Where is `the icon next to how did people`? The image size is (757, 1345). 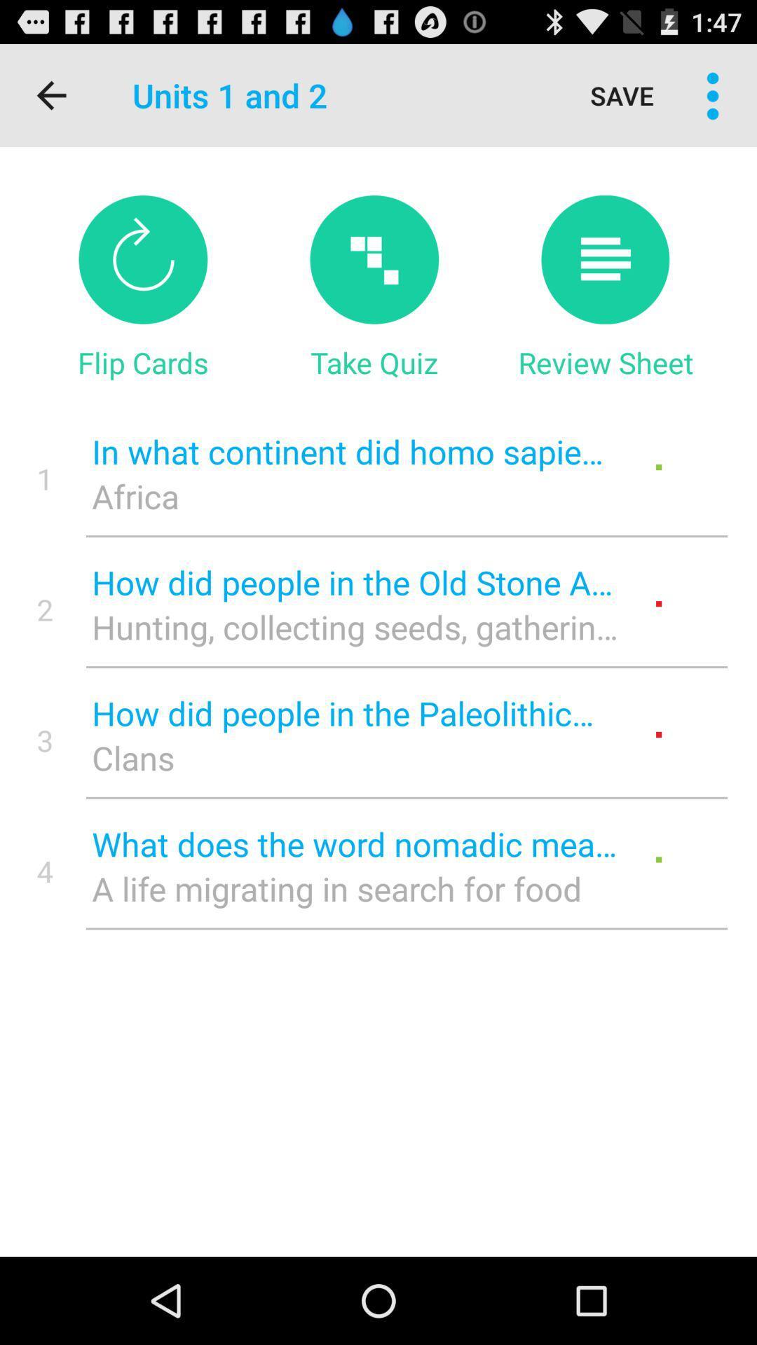
the icon next to how did people is located at coordinates (44, 739).